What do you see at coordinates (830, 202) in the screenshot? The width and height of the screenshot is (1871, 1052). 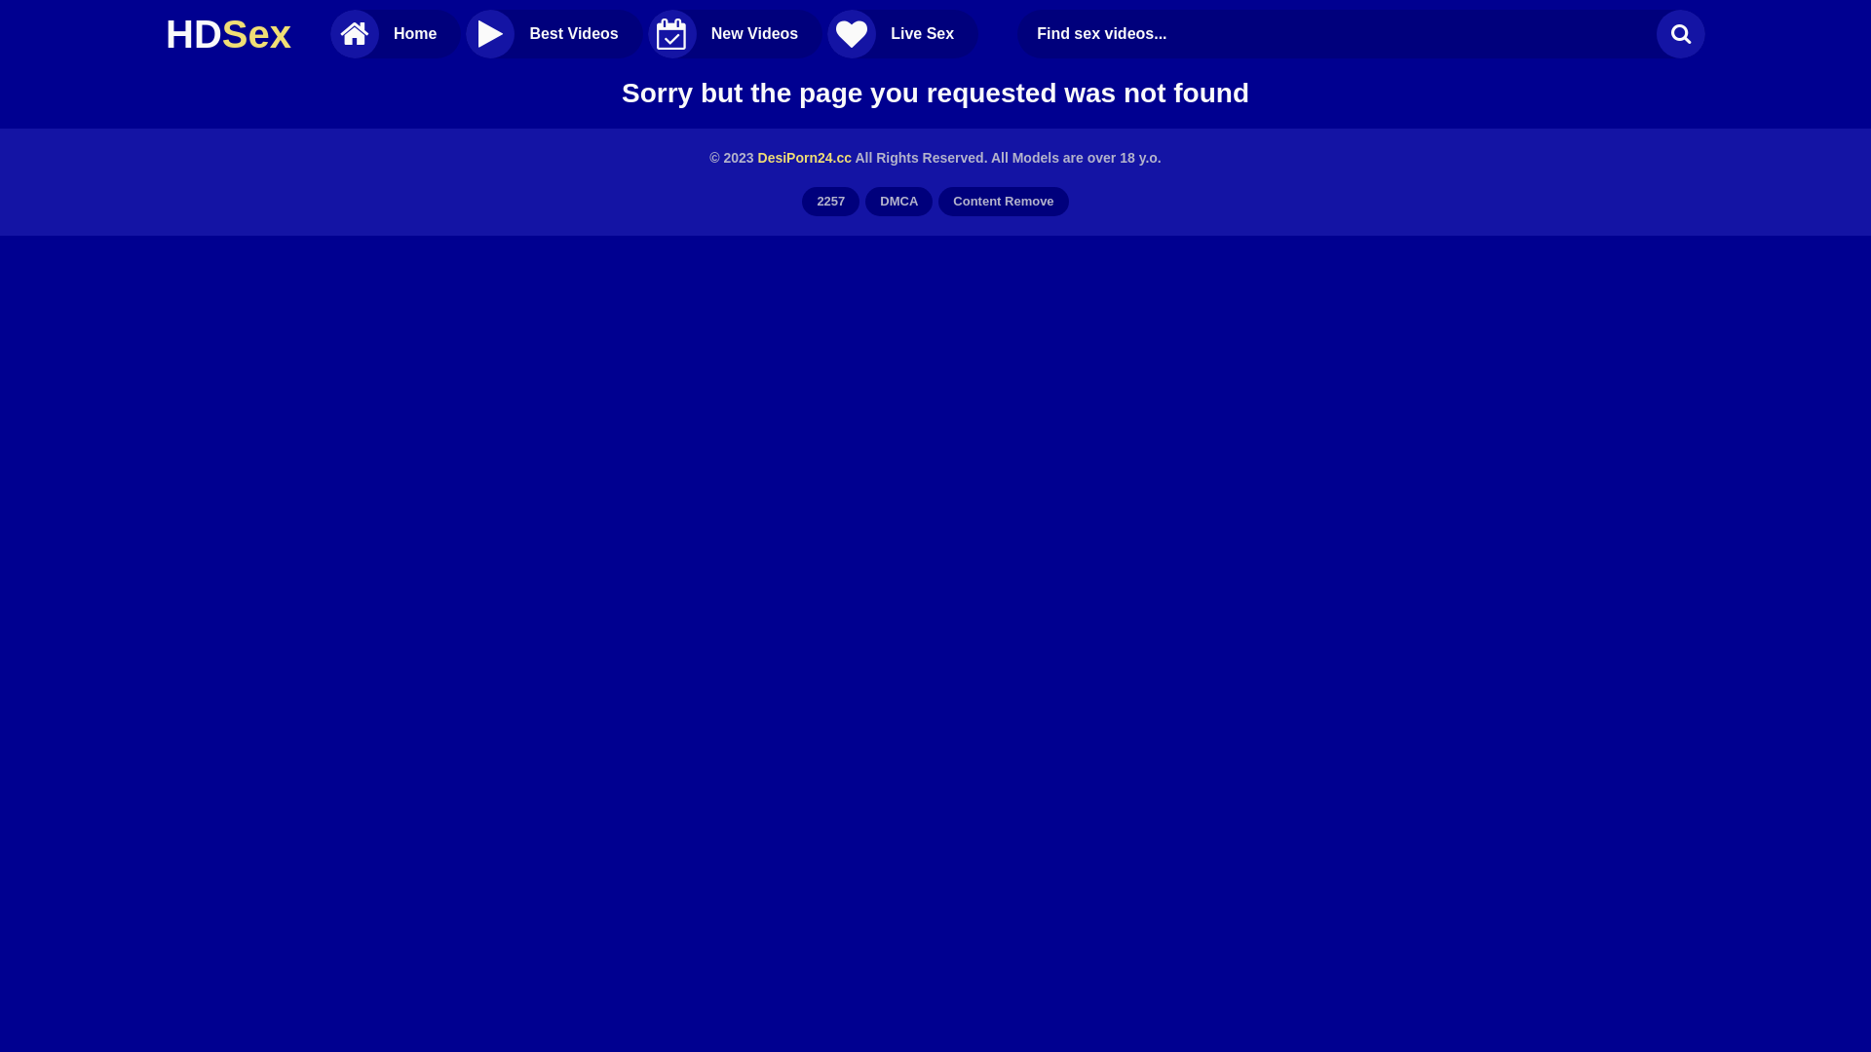 I see `'2257'` at bounding box center [830, 202].